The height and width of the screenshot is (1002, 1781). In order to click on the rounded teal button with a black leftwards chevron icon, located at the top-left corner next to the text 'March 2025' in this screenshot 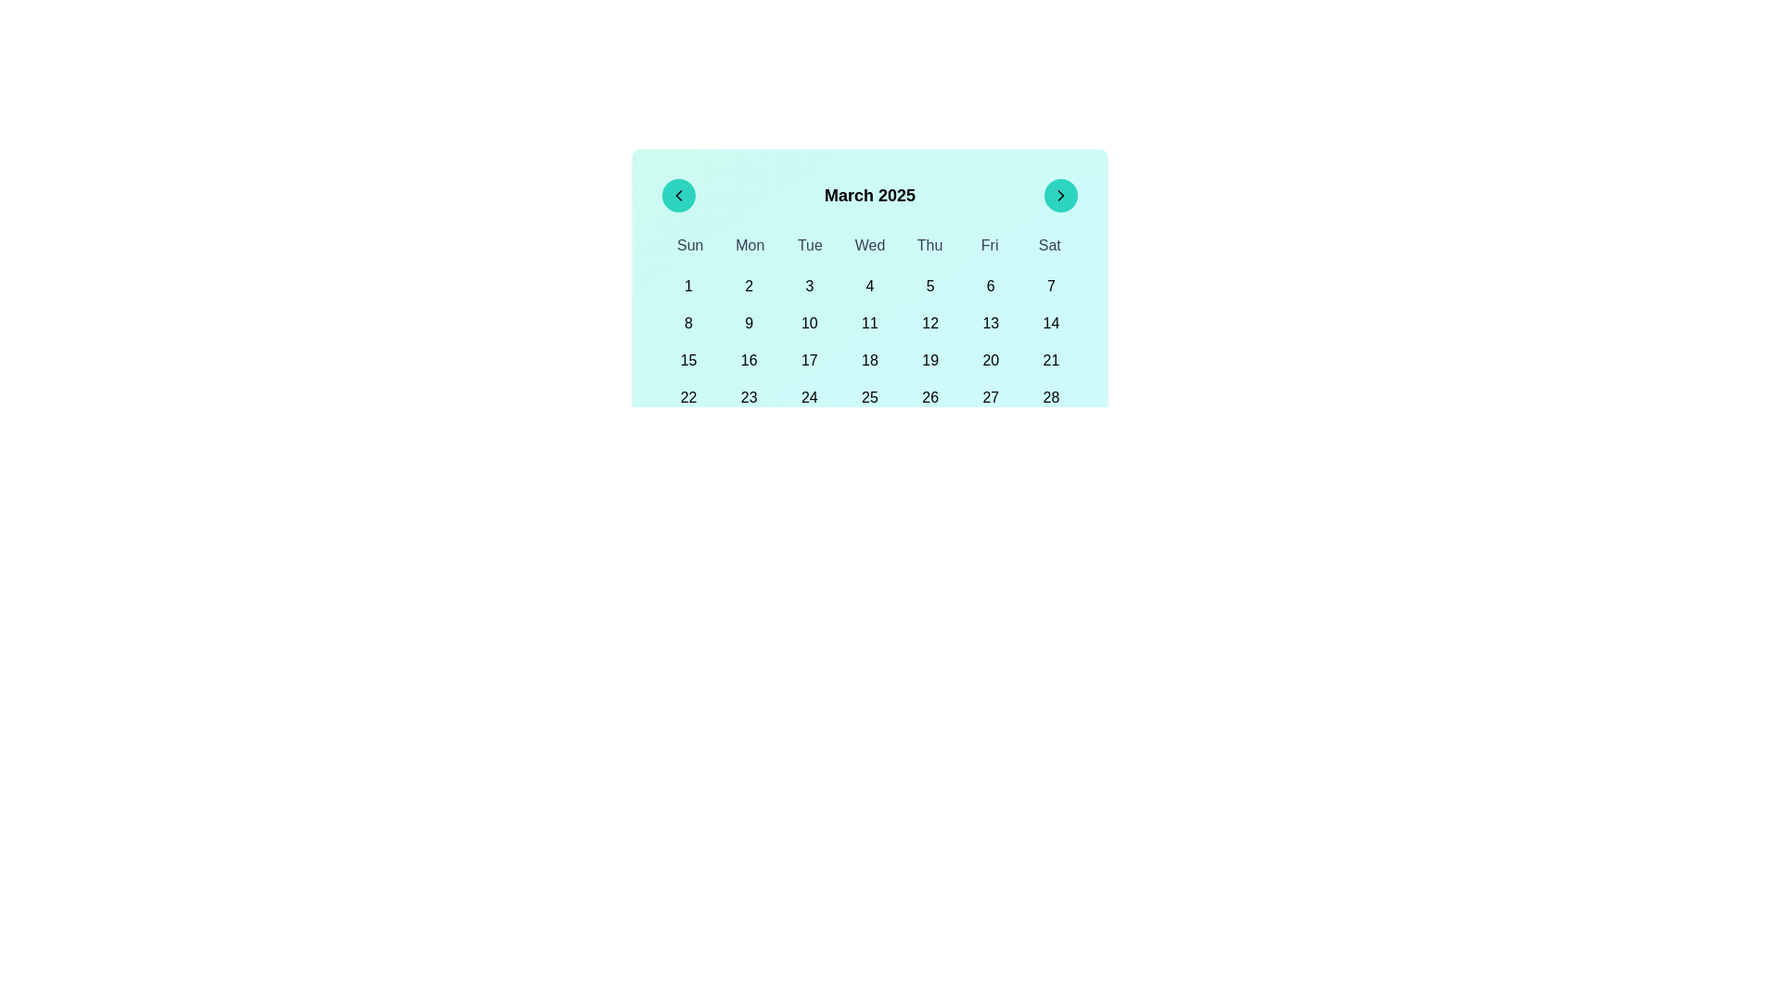, I will do `click(677, 196)`.